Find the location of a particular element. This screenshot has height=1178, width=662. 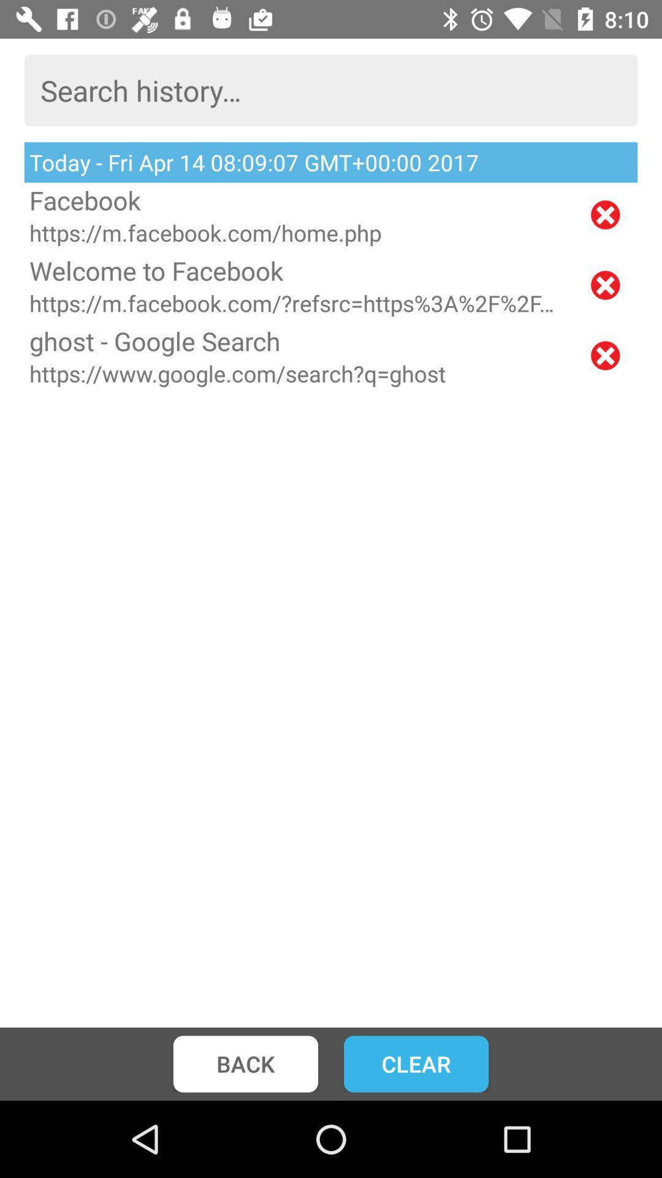

clear specific search history is located at coordinates (604, 355).